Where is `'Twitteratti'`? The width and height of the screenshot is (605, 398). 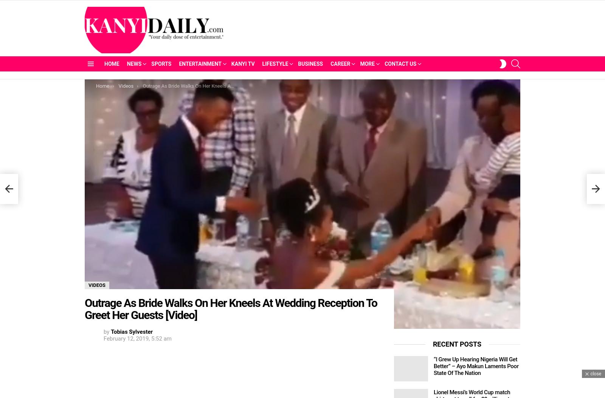 'Twitteratti' is located at coordinates (236, 140).